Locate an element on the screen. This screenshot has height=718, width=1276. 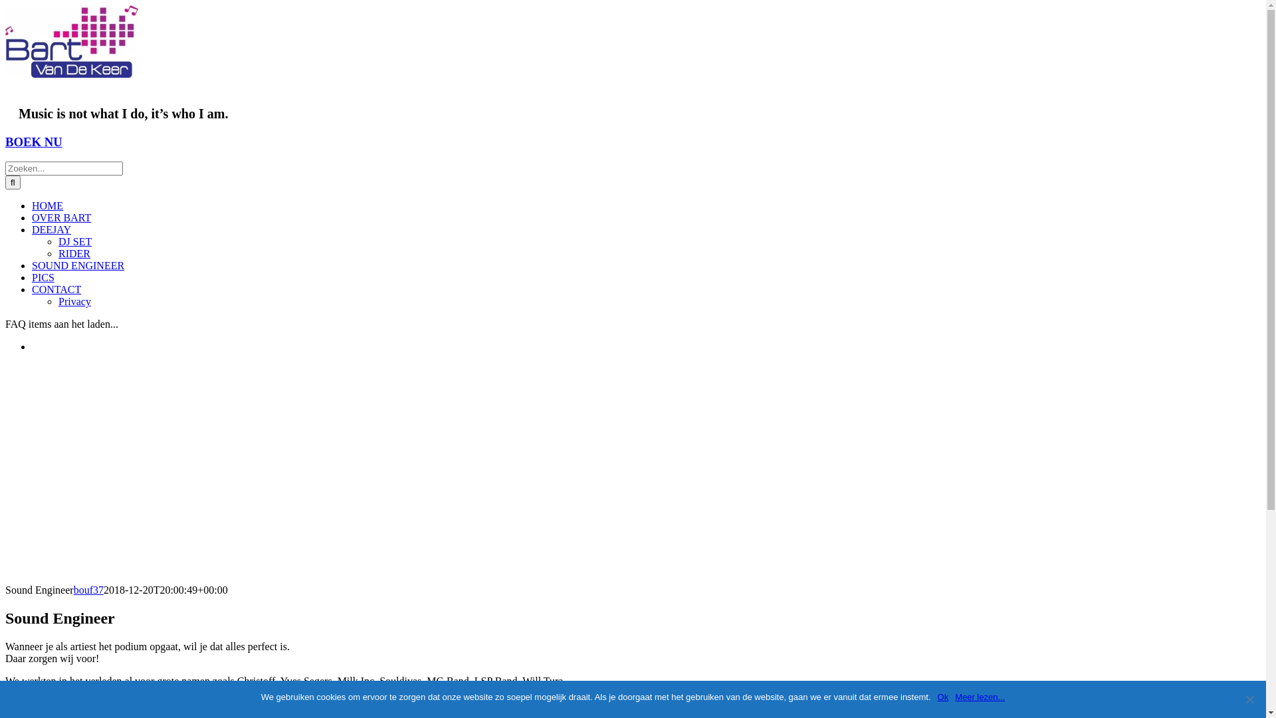
'OVER BART' is located at coordinates (60, 217).